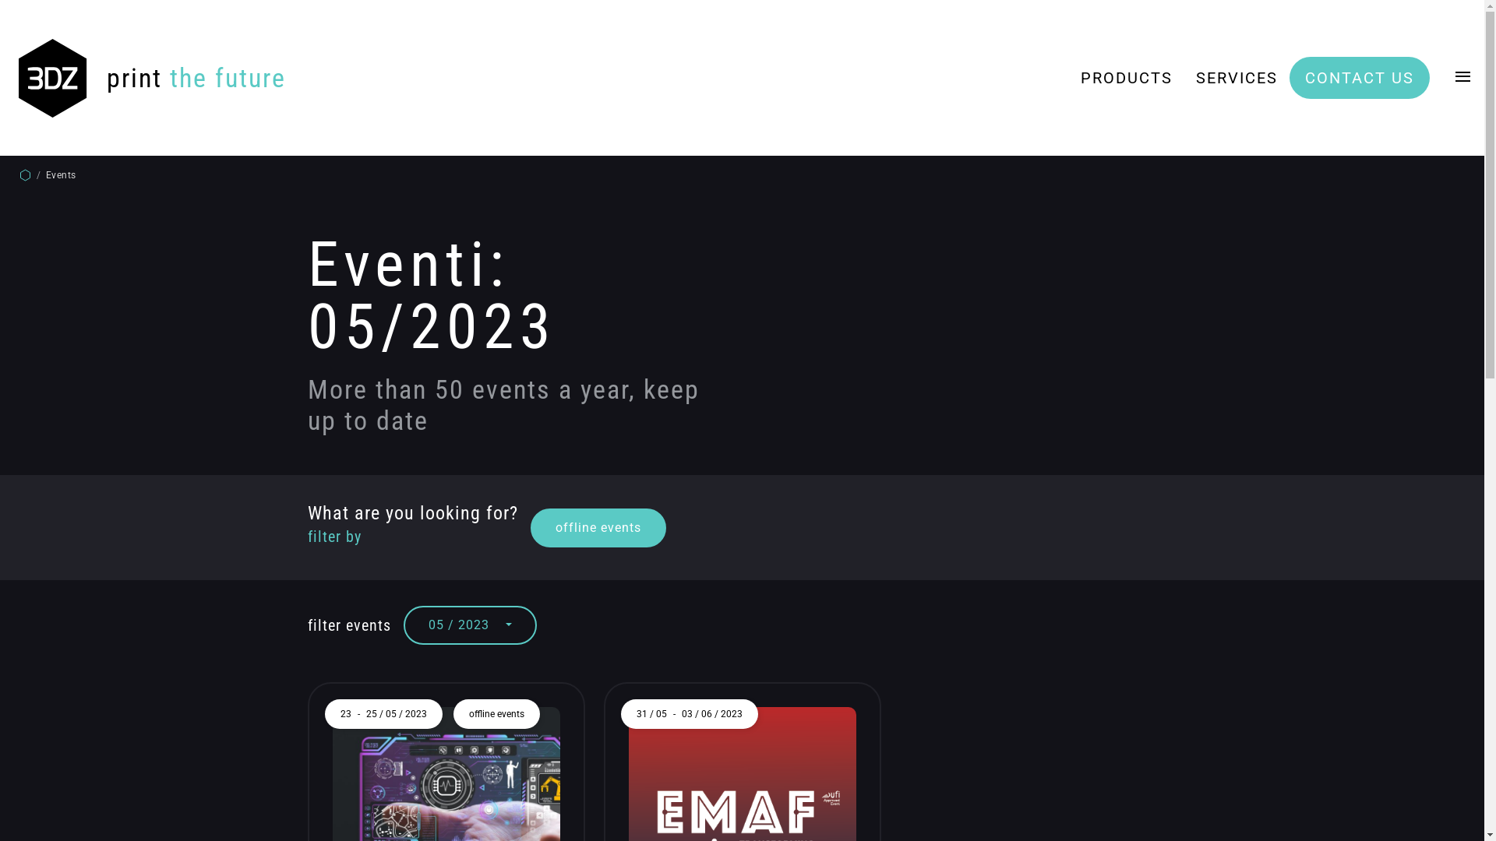  Describe the element at coordinates (404, 624) in the screenshot. I see `'05 / 2023'` at that location.